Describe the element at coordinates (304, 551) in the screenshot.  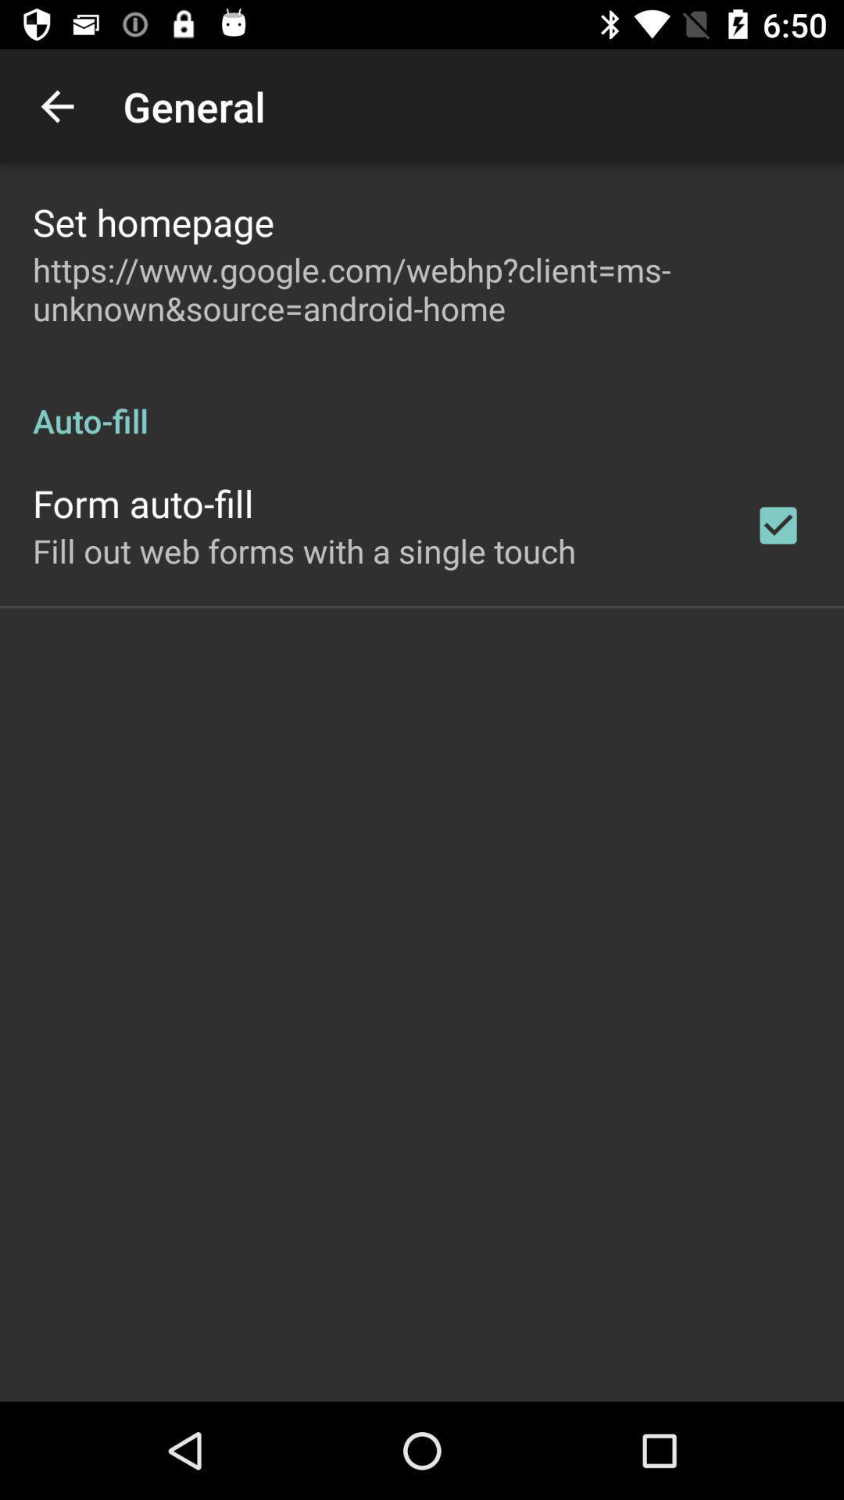
I see `the app at the center` at that location.